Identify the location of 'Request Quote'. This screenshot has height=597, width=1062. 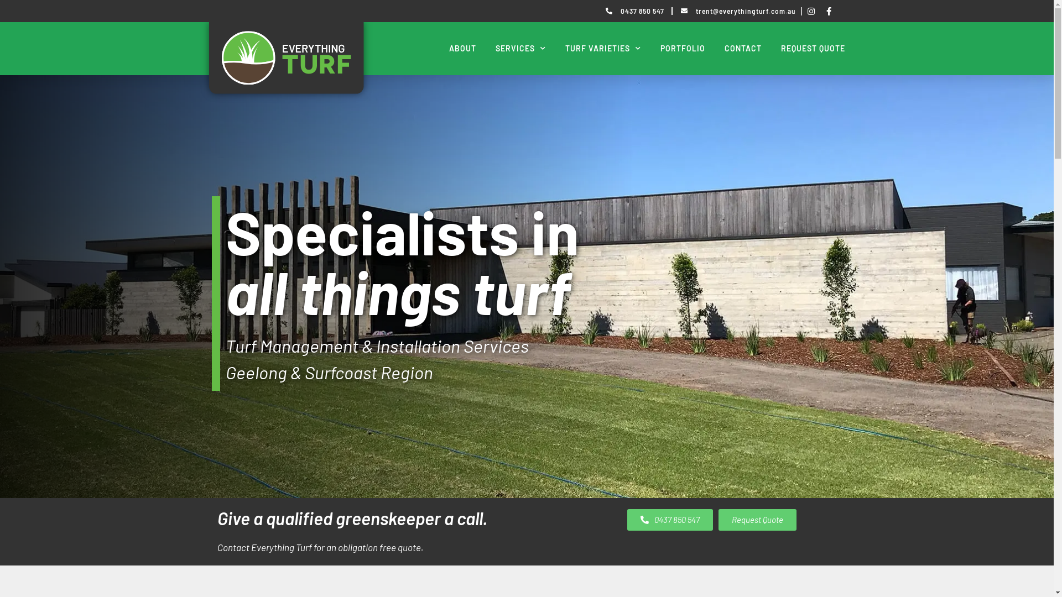
(756, 520).